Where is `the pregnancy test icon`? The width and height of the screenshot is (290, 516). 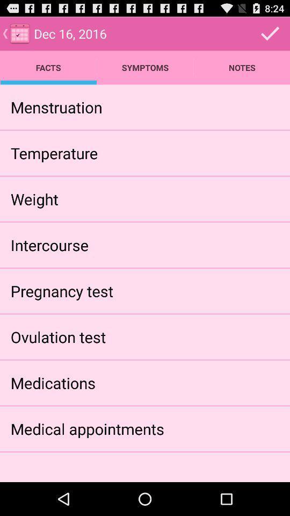
the pregnancy test icon is located at coordinates (62, 291).